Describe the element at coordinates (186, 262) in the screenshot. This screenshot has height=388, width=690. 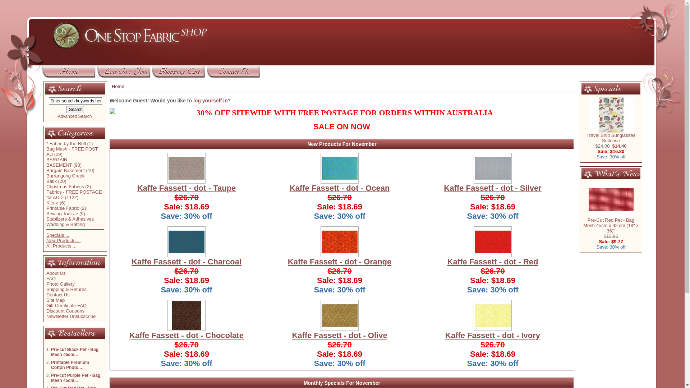
I see `'Kaffe Fassett - dot - Charcoal'` at that location.